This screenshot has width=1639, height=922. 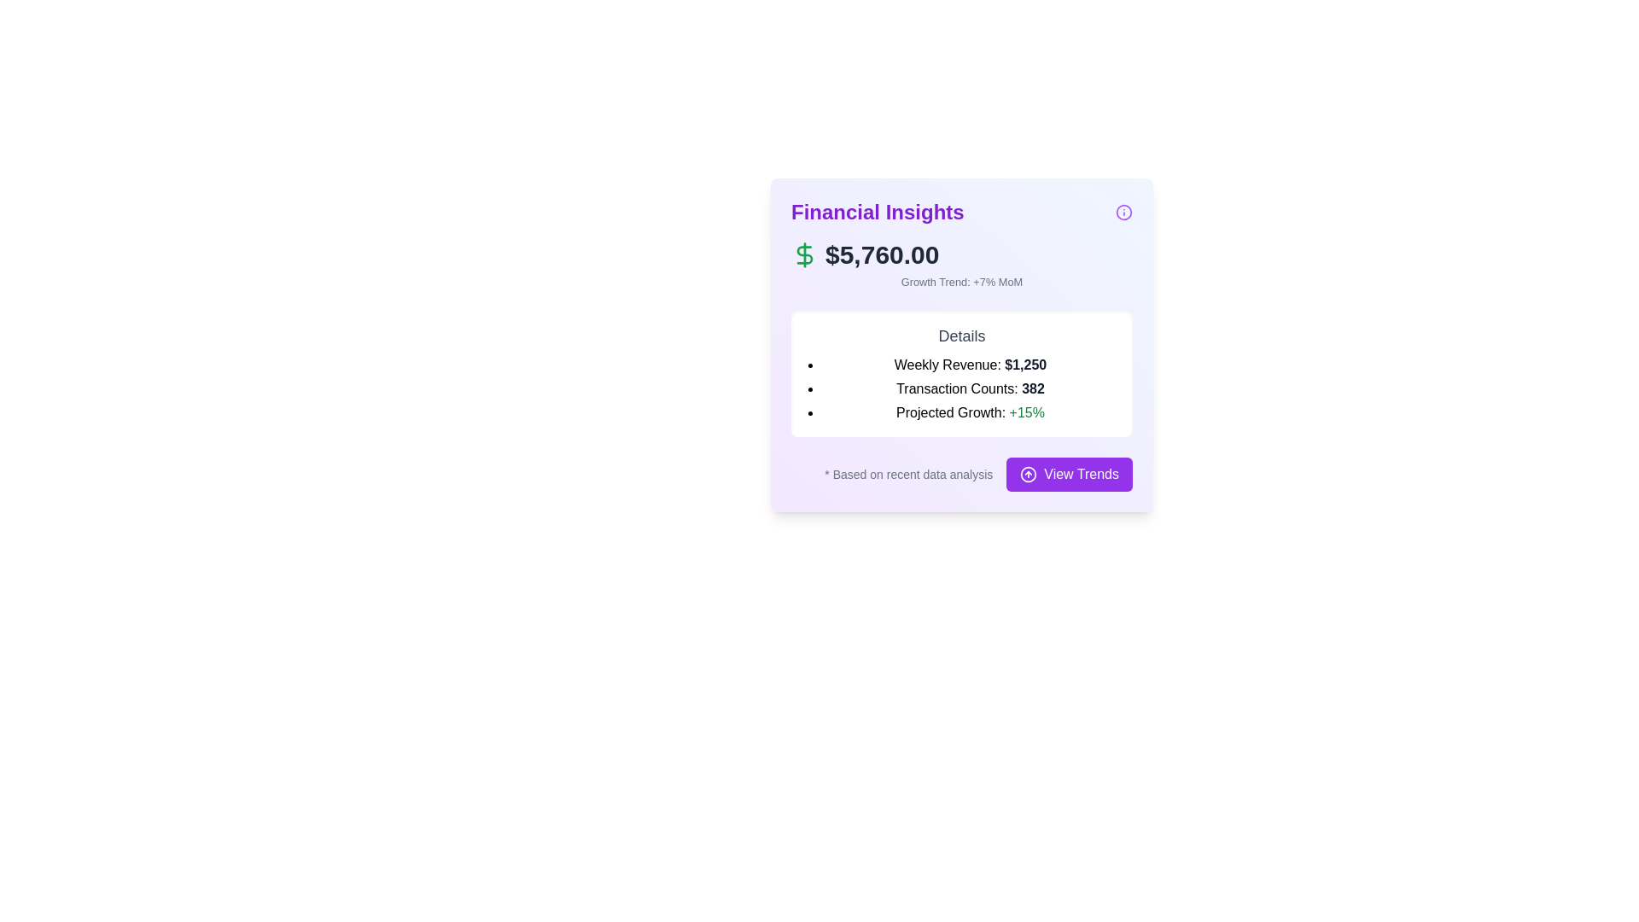 I want to click on the displayed weekly revenue value located in the second row of the detail section of the card, right-aligned with the label 'Weekly Revenue:', so click(x=1024, y=364).